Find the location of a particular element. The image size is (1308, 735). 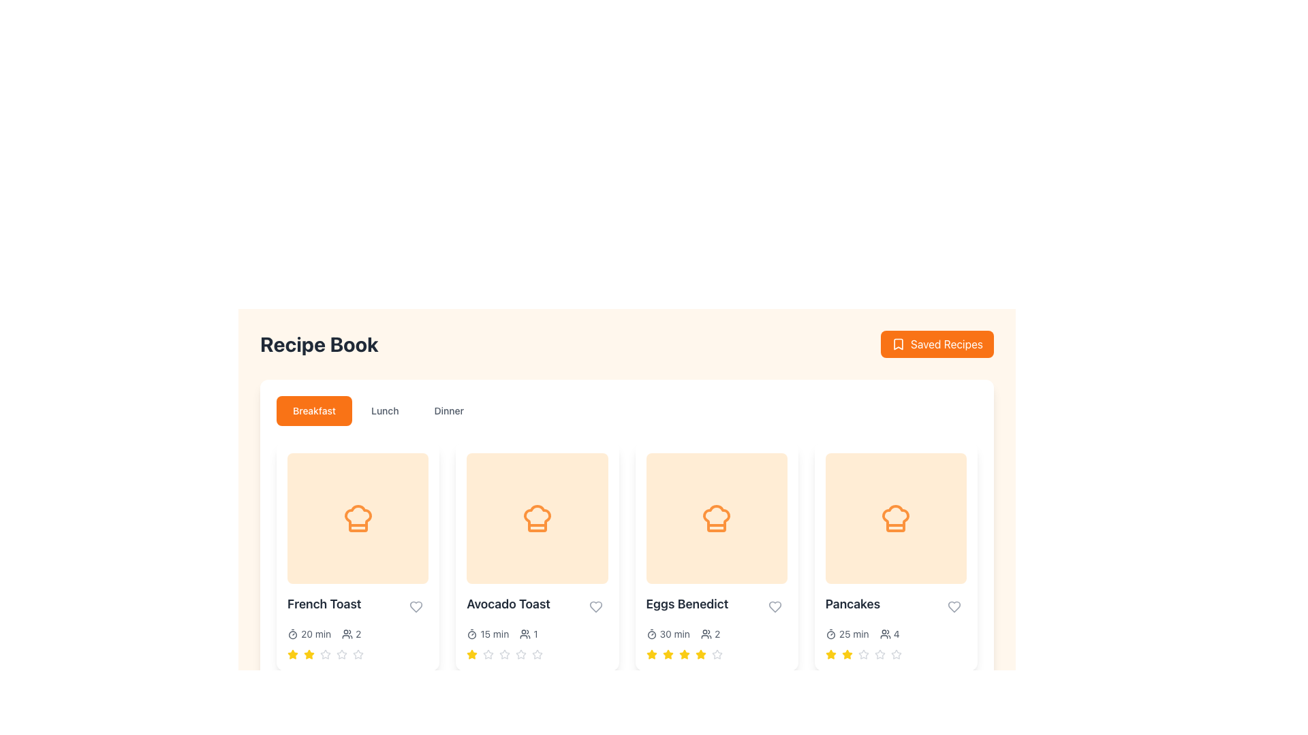

the text label indicating the number of people associated with the 'Eggs Benedict' recipe, located under the third card in a horizontally scrolling list of recipe options is located at coordinates (717, 634).